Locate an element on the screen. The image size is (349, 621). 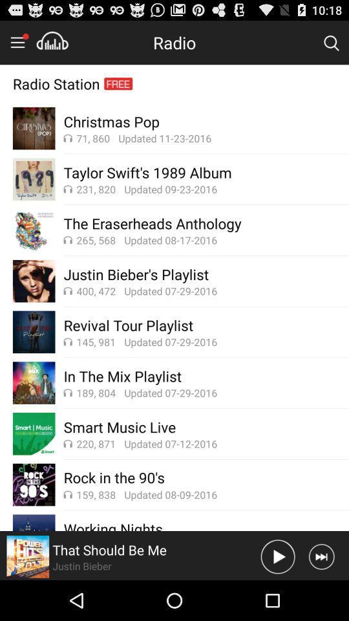
the music are reduce tension is located at coordinates (52, 42).